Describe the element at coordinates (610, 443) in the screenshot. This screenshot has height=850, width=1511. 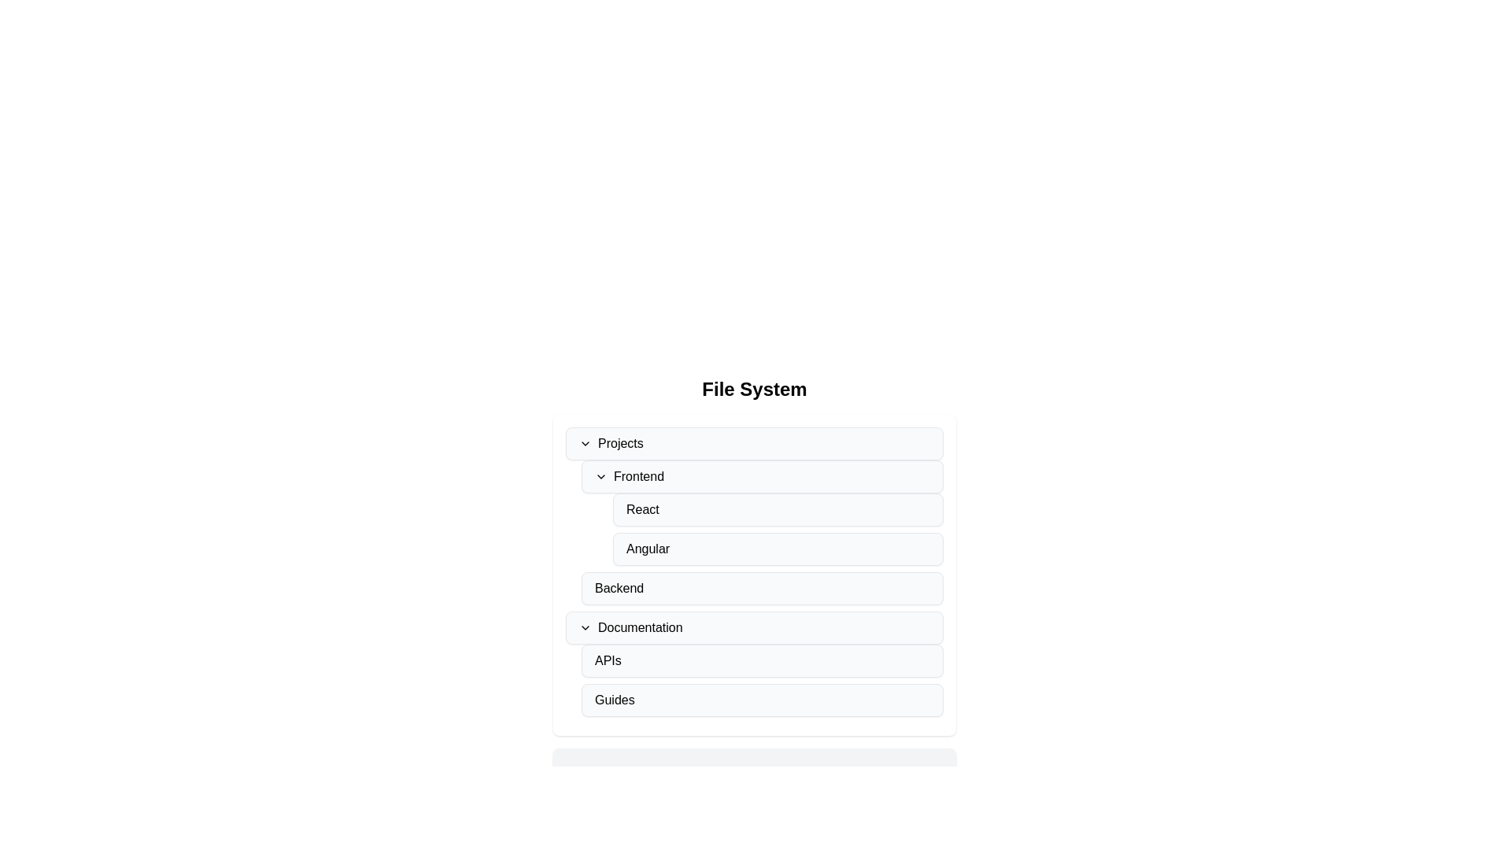
I see `the 'Projects' dropdown toggle text located centrally under the 'File System' heading to potentially highlight it or display a tooltip` at that location.